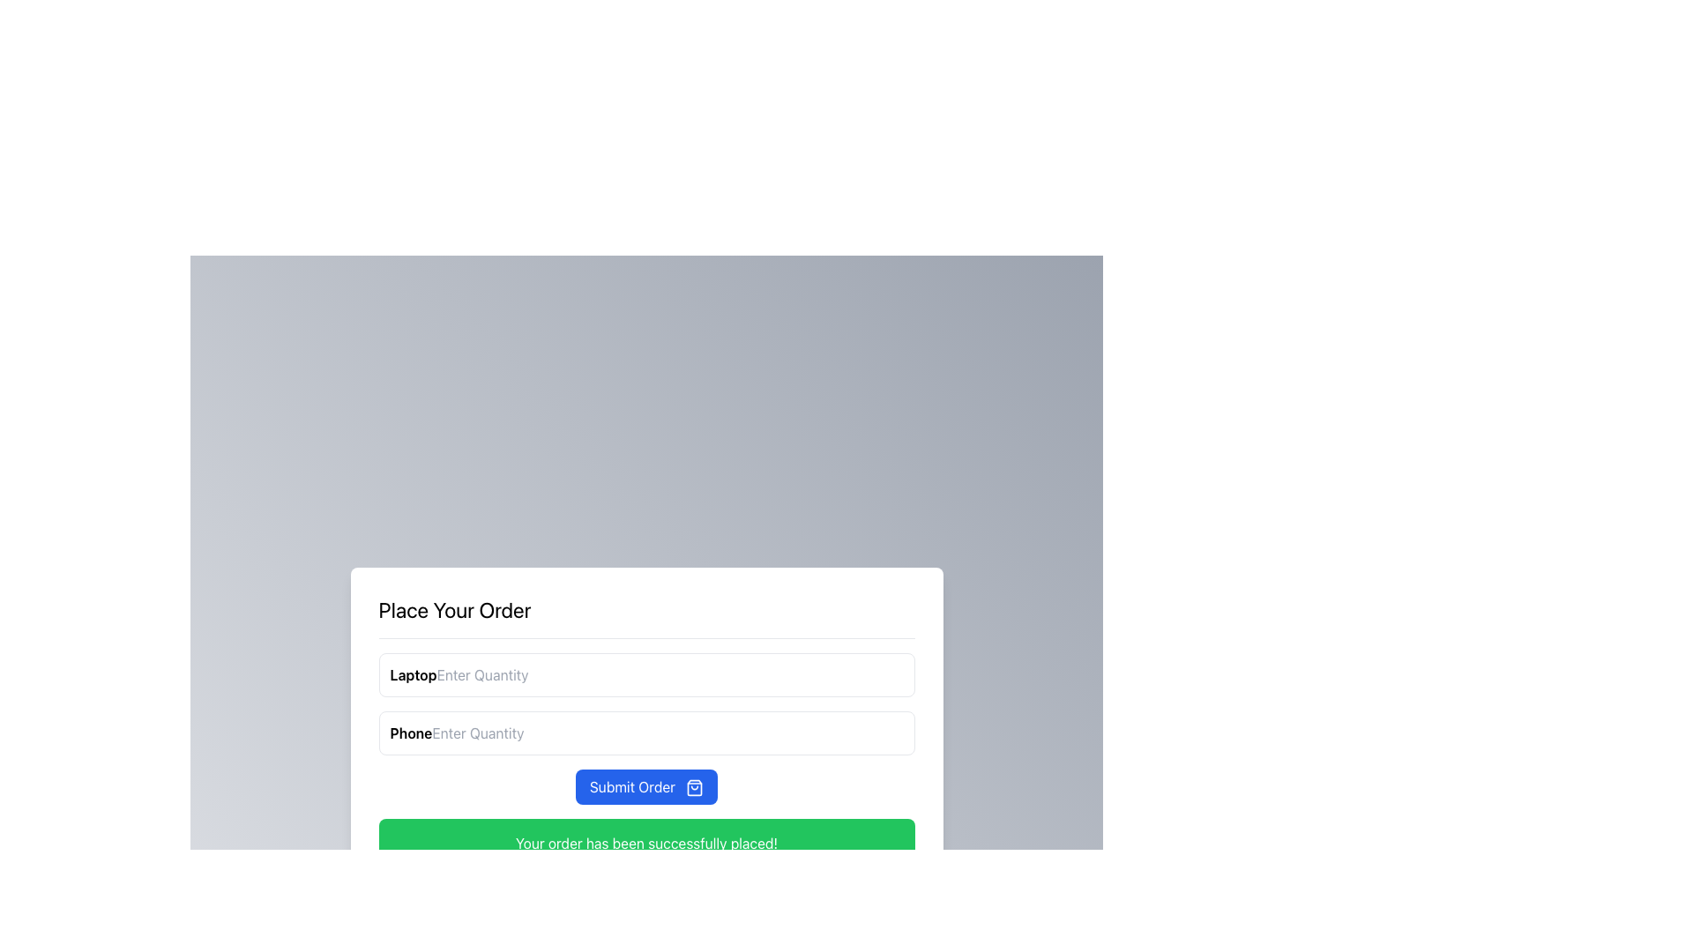  I want to click on the text input field for quantity, which is located next to the 'Laptop' label in the 'Place Your Order' form, so click(513, 674).